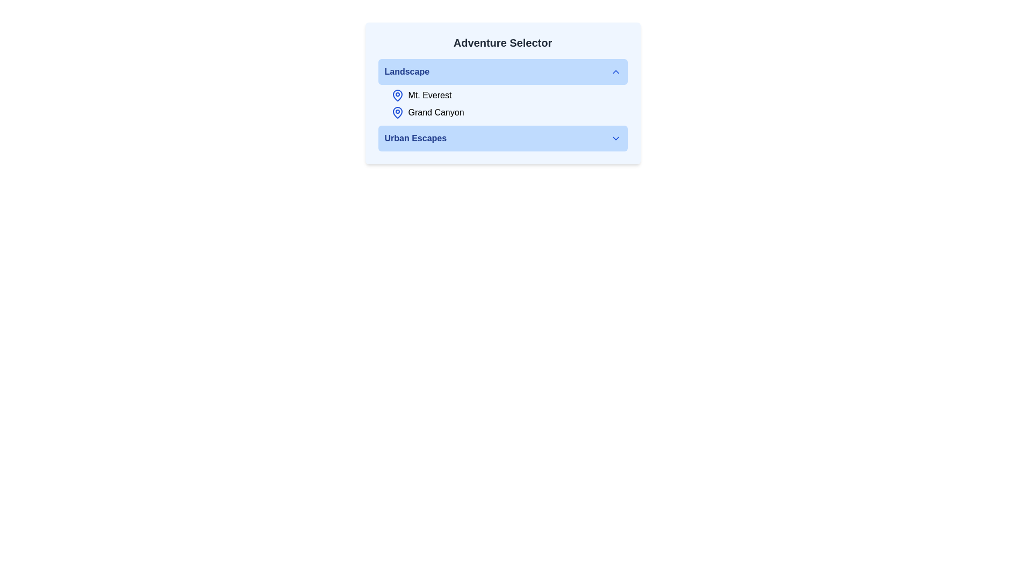 Image resolution: width=1032 pixels, height=580 pixels. What do you see at coordinates (397, 95) in the screenshot?
I see `the blue map pin icon located to the left of the text 'Mt. Everest' in the 'Landscape' section` at bounding box center [397, 95].